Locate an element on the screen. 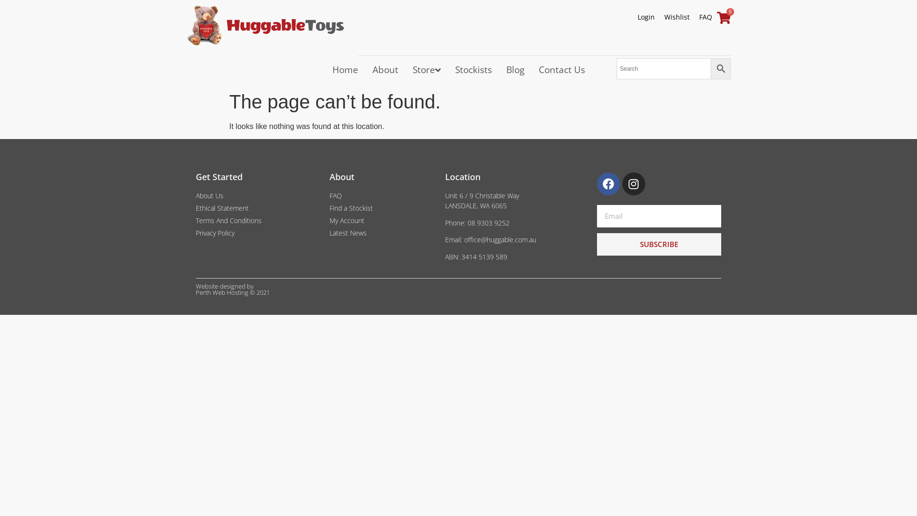  'Perth Web Hosting' is located at coordinates (222, 292).